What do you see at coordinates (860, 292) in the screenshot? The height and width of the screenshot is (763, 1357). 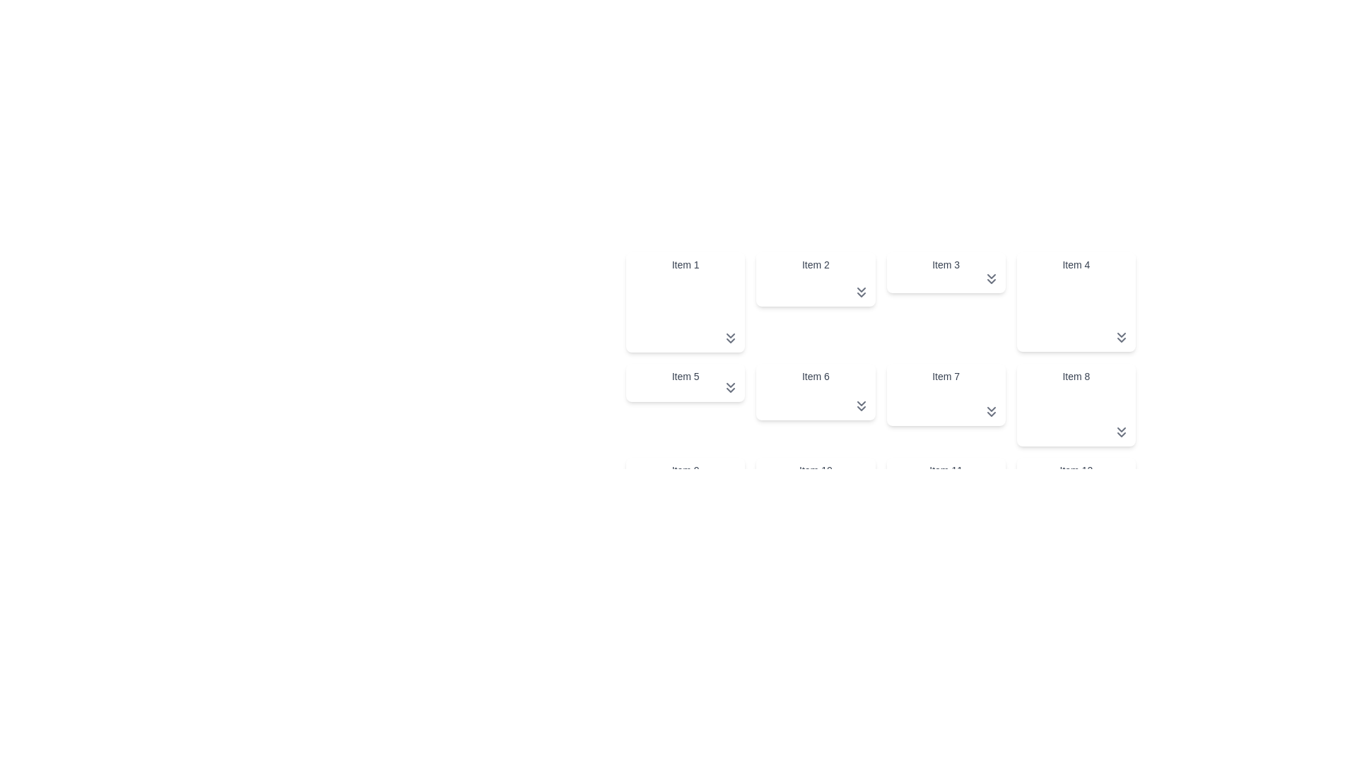 I see `the downward double-chevron arrow button located at the bottom-right corner of the 'Item 2' card` at bounding box center [860, 292].